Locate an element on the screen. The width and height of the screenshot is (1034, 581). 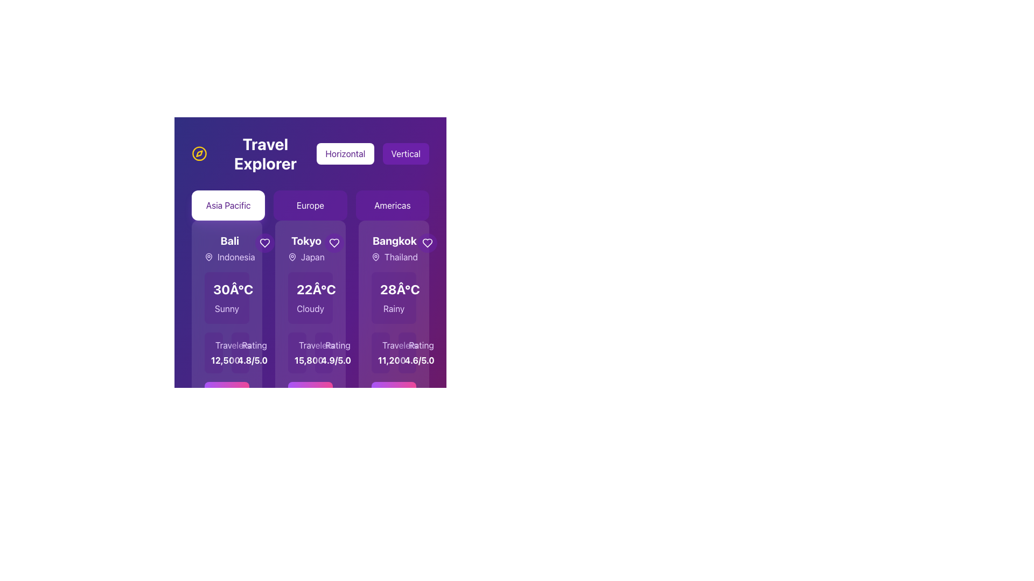
map pin icon located in the 'Bali' section of the navigation panel, positioned to the left of the text 'Indonesia' and above the temperature information is located at coordinates (209, 257).